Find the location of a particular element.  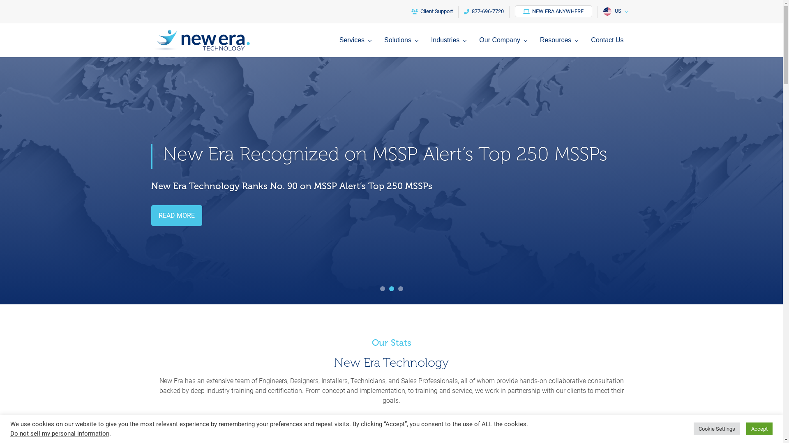

'2' is located at coordinates (388, 288).